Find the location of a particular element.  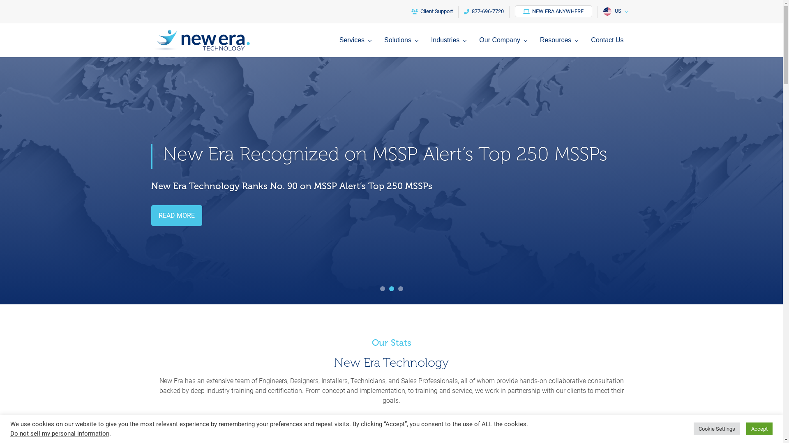

'2' is located at coordinates (388, 288).